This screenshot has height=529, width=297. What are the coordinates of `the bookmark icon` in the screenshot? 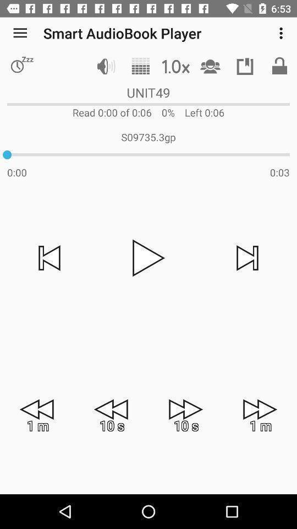 It's located at (245, 66).